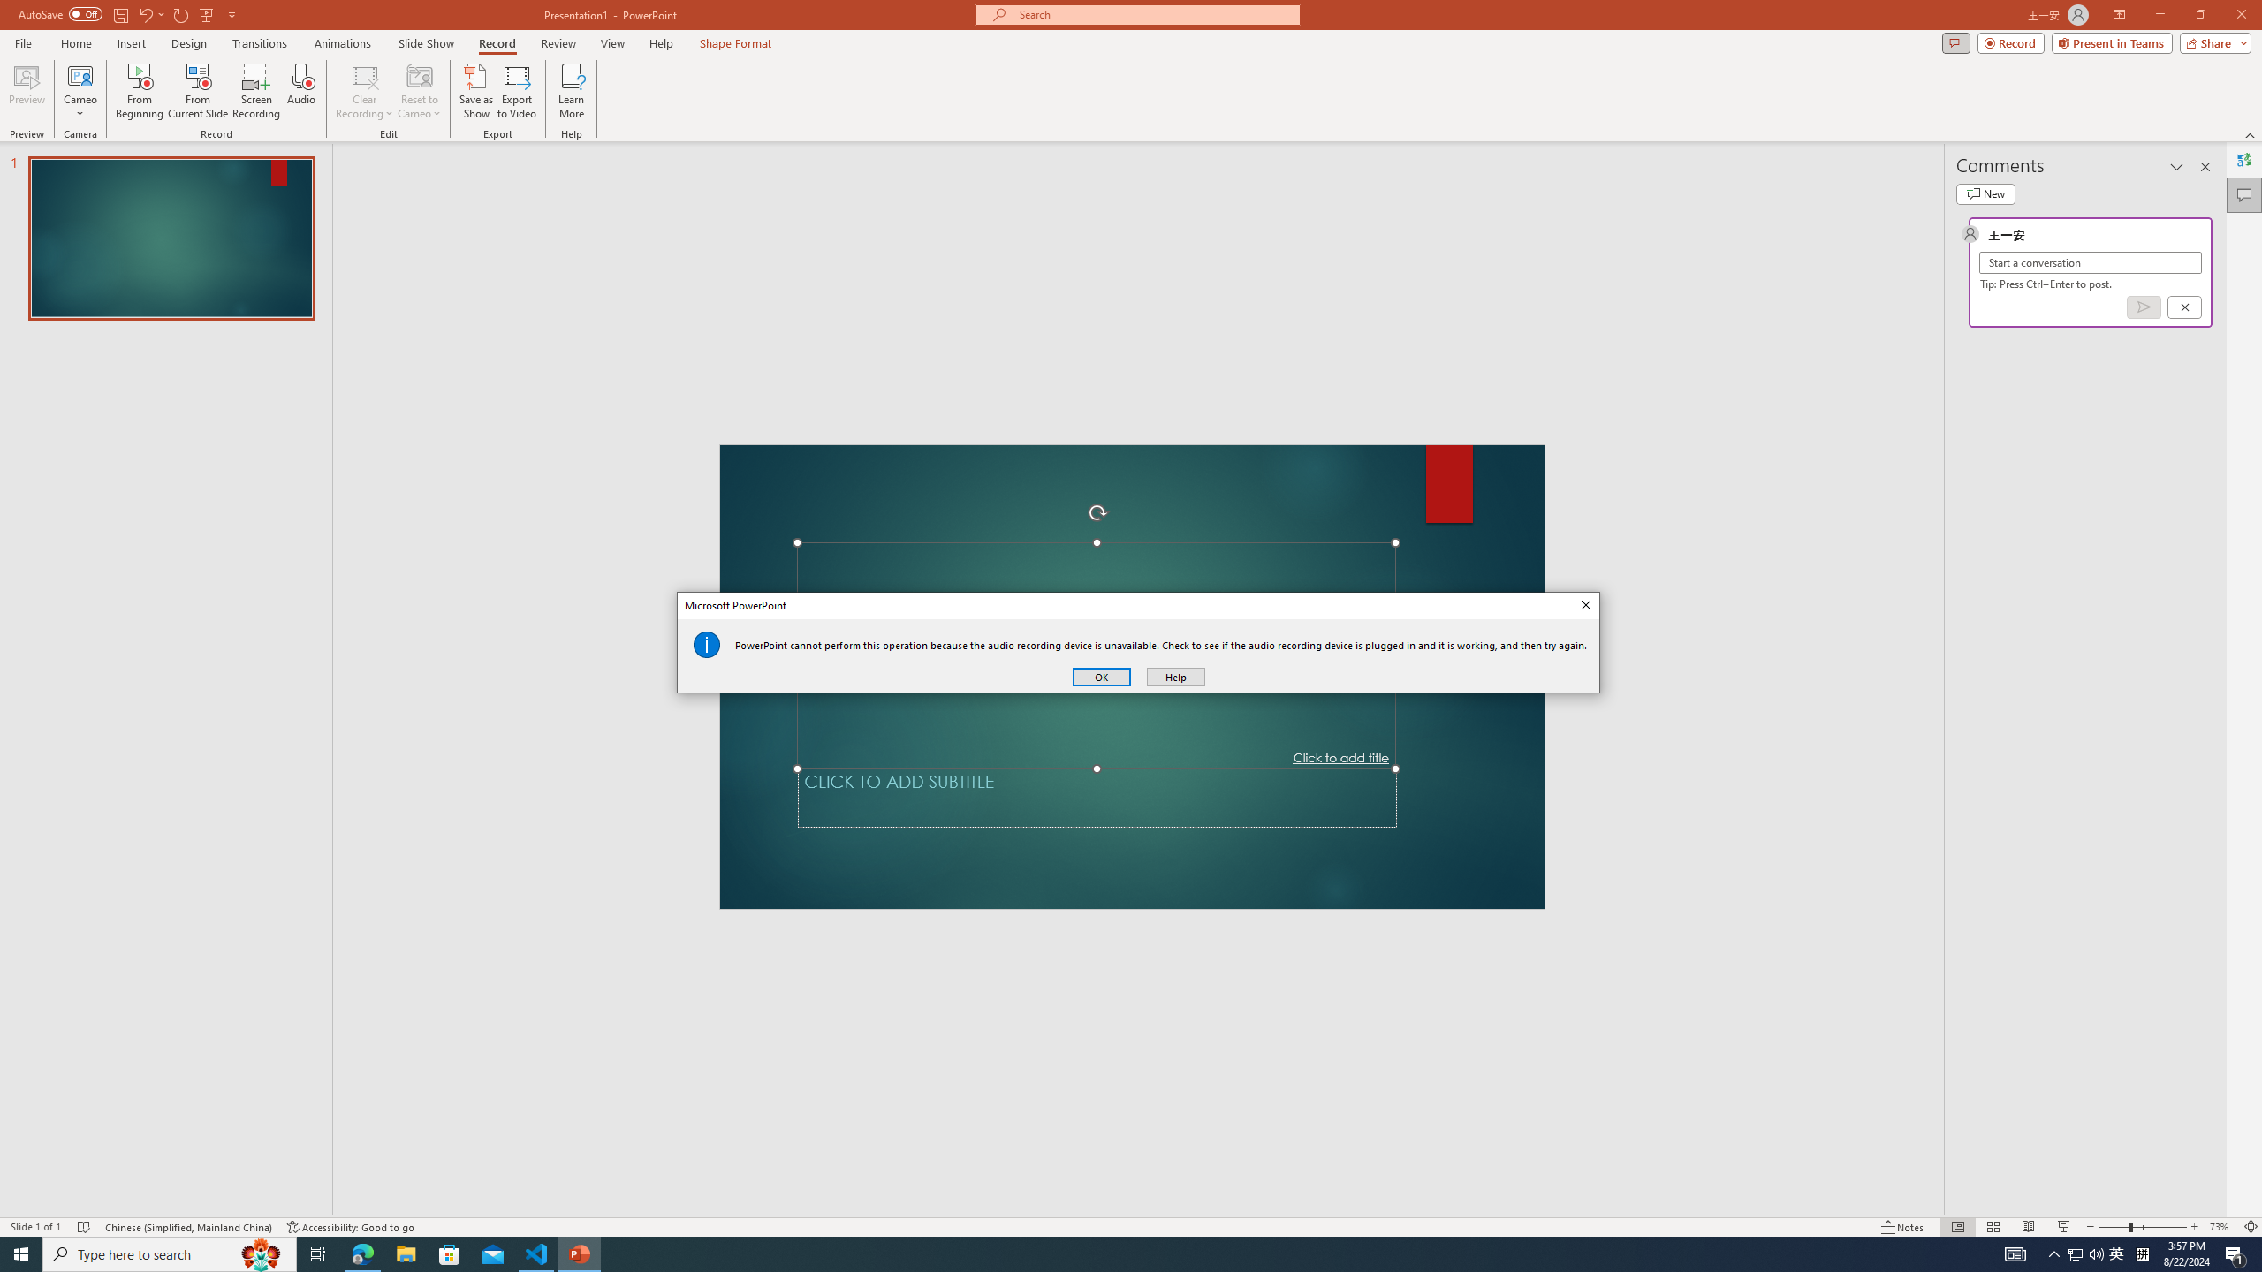 This screenshot has width=2262, height=1272. I want to click on 'Transitions', so click(259, 43).